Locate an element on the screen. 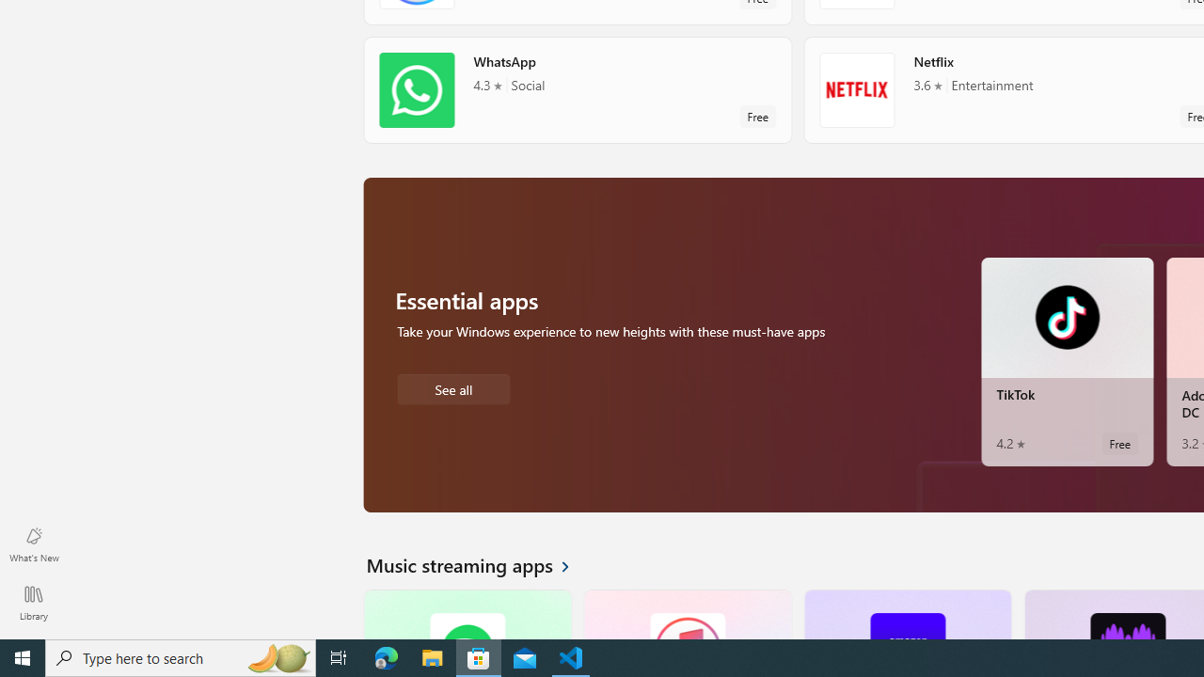 Image resolution: width=1204 pixels, height=677 pixels. 'TikTok. Average rating of 4.2 out of five stars. Free  ' is located at coordinates (1067, 361).